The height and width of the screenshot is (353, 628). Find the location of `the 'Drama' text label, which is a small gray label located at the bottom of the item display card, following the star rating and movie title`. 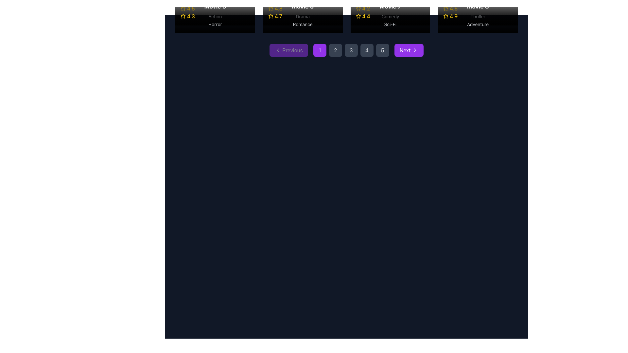

the 'Drama' text label, which is a small gray label located at the bottom of the item display card, following the star rating and movie title is located at coordinates (302, 16).